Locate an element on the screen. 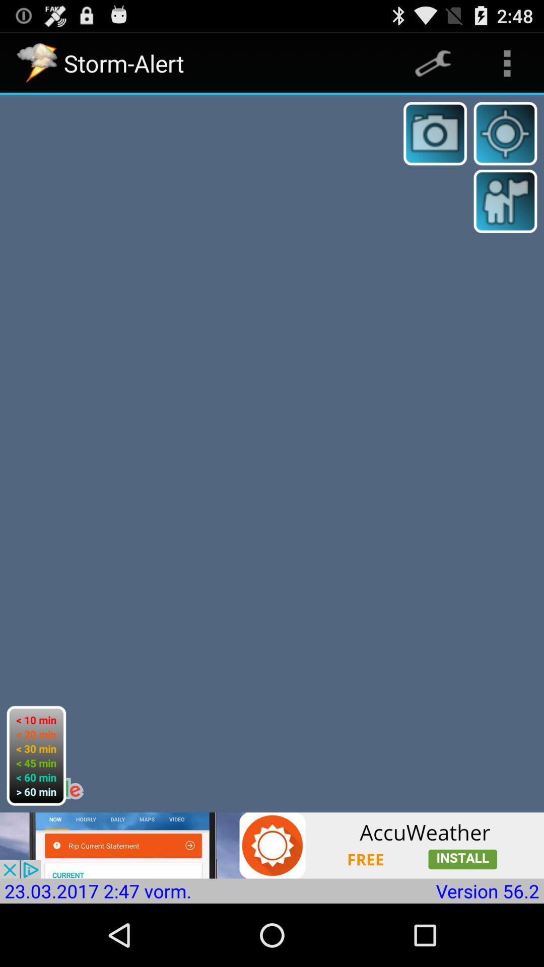 Image resolution: width=544 pixels, height=967 pixels. current location is located at coordinates (505, 133).